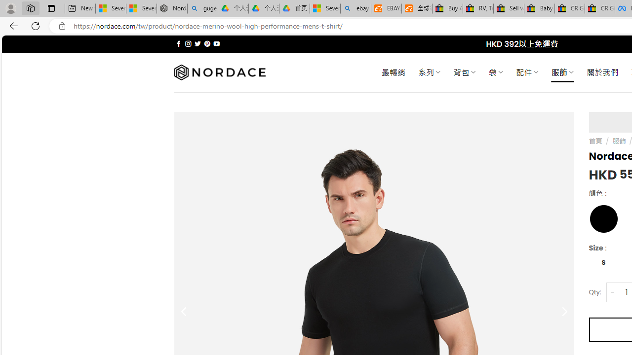  I want to click on 'Follow on YouTube', so click(216, 43).